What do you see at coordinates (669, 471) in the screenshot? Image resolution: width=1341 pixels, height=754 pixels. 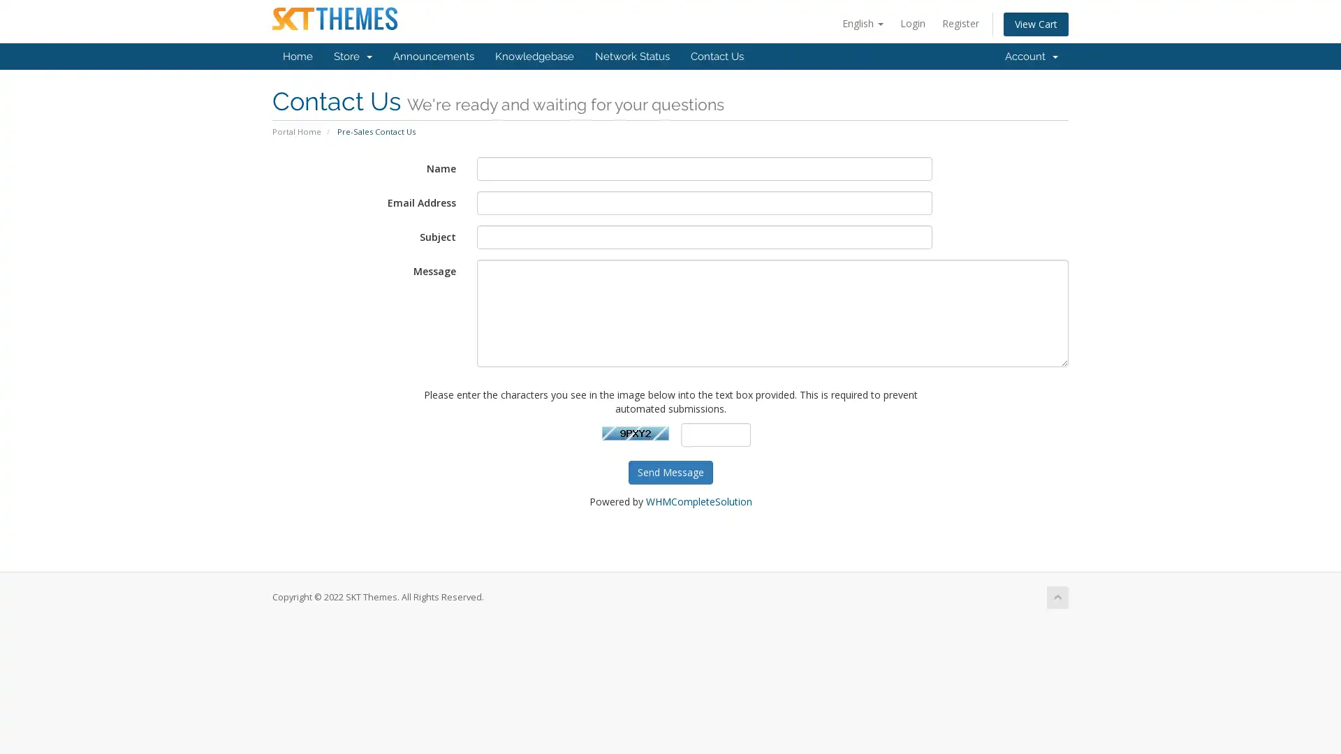 I see `Send Message` at bounding box center [669, 471].